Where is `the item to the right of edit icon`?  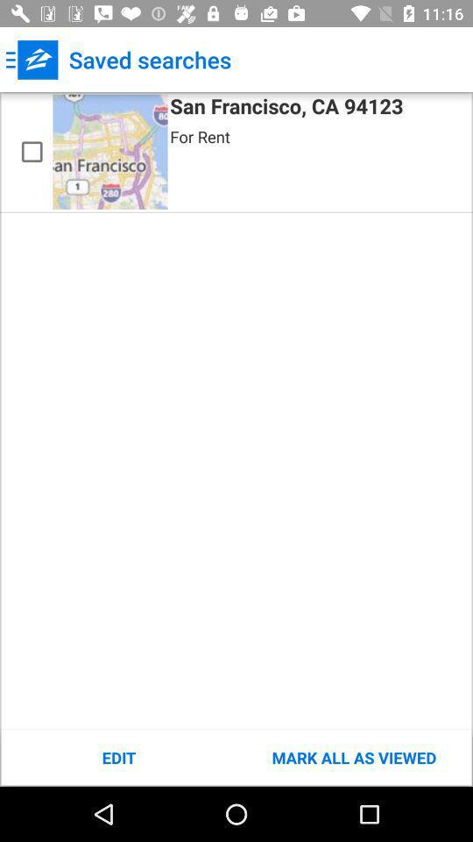 the item to the right of edit icon is located at coordinates (354, 757).